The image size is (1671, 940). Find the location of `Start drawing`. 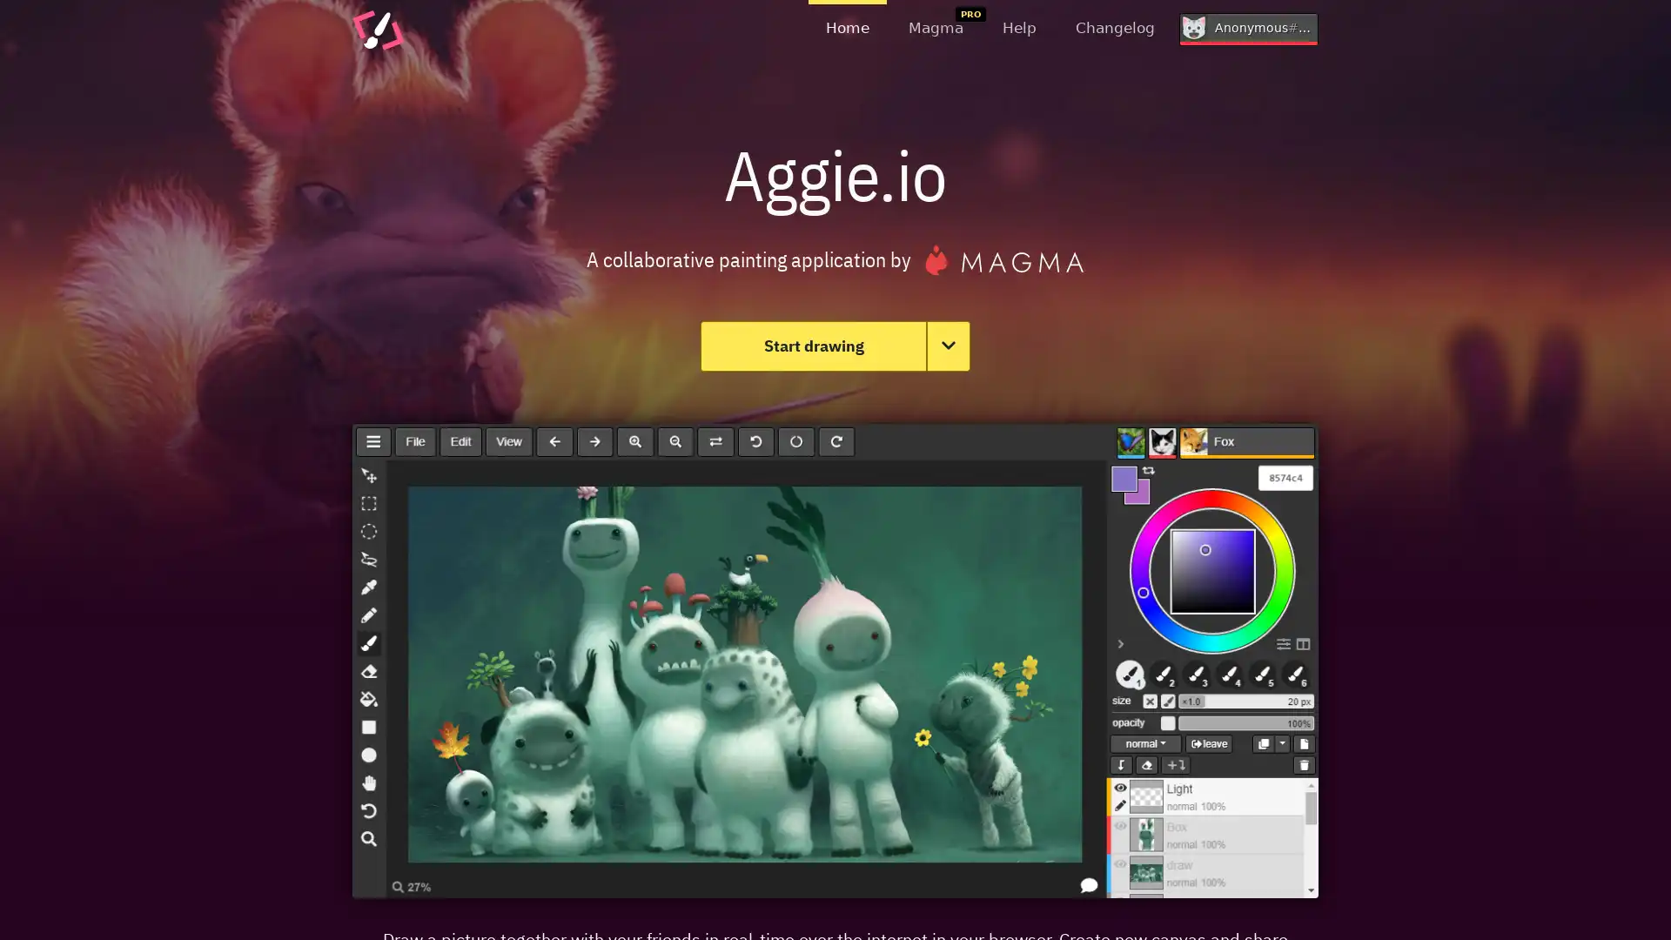

Start drawing is located at coordinates (813, 346).